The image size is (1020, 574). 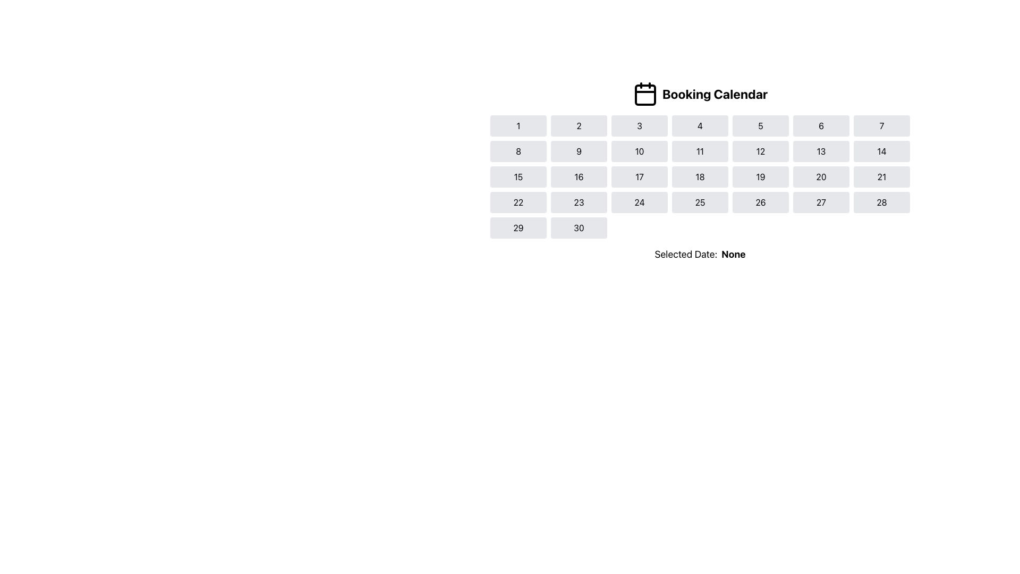 What do you see at coordinates (820, 202) in the screenshot?
I see `the button displaying the number '27' with a light gray background` at bounding box center [820, 202].